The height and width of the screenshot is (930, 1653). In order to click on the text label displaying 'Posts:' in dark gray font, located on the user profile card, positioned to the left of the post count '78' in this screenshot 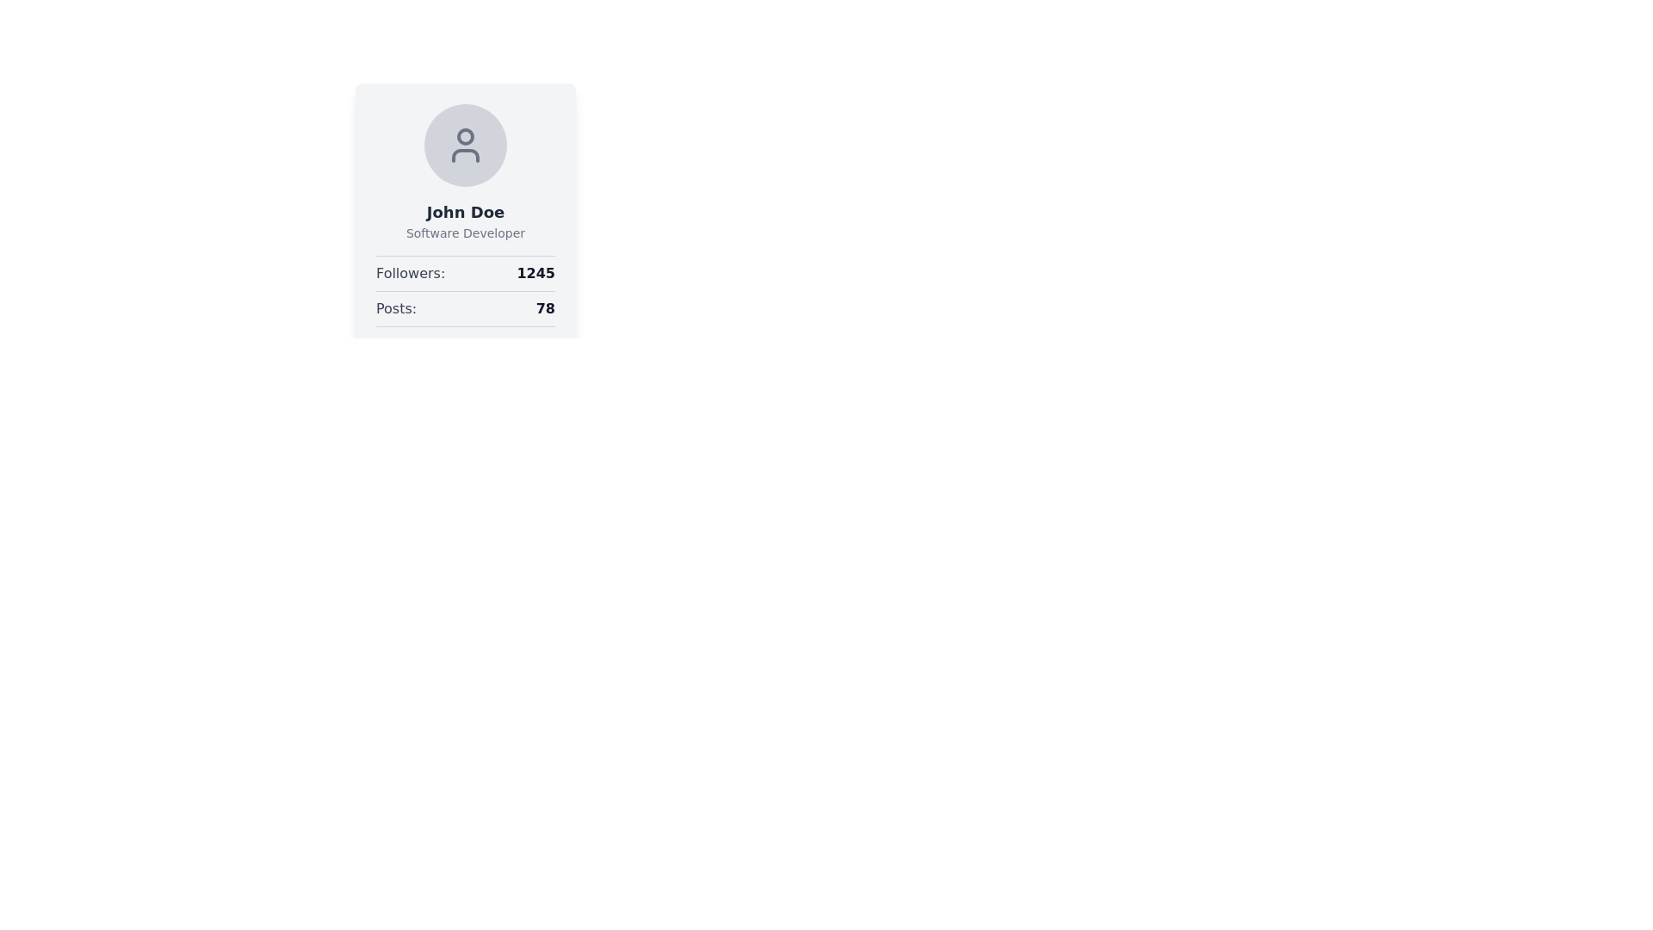, I will do `click(395, 307)`.